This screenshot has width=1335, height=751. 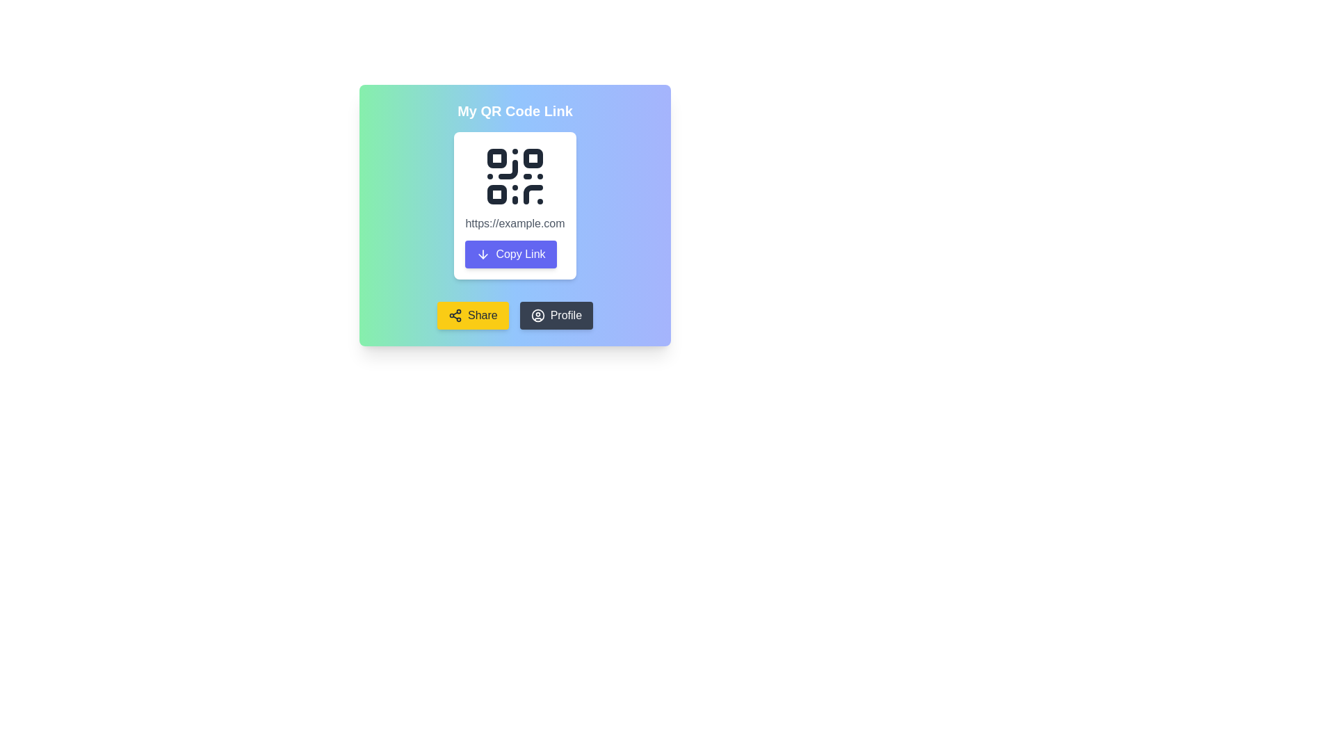 What do you see at coordinates (510, 255) in the screenshot?
I see `the button that allows users to copy the displayed link to their clipboard for visual feedback` at bounding box center [510, 255].